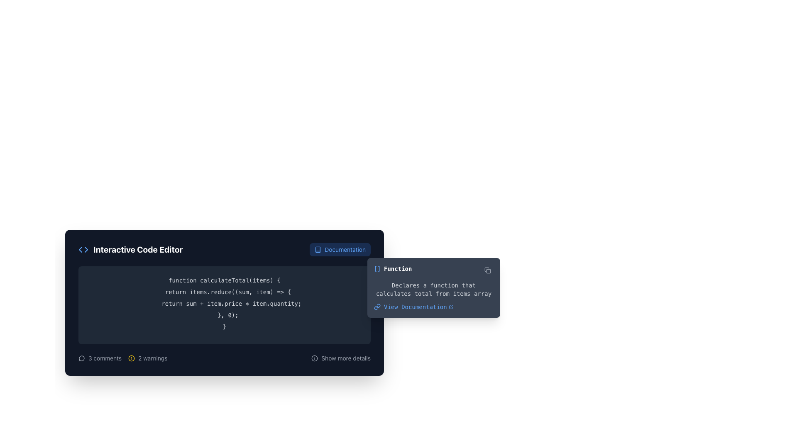  Describe the element at coordinates (225, 302) in the screenshot. I see `the central code editor panel displaying syntax-highlighted JavaScript code by reading the code` at that location.